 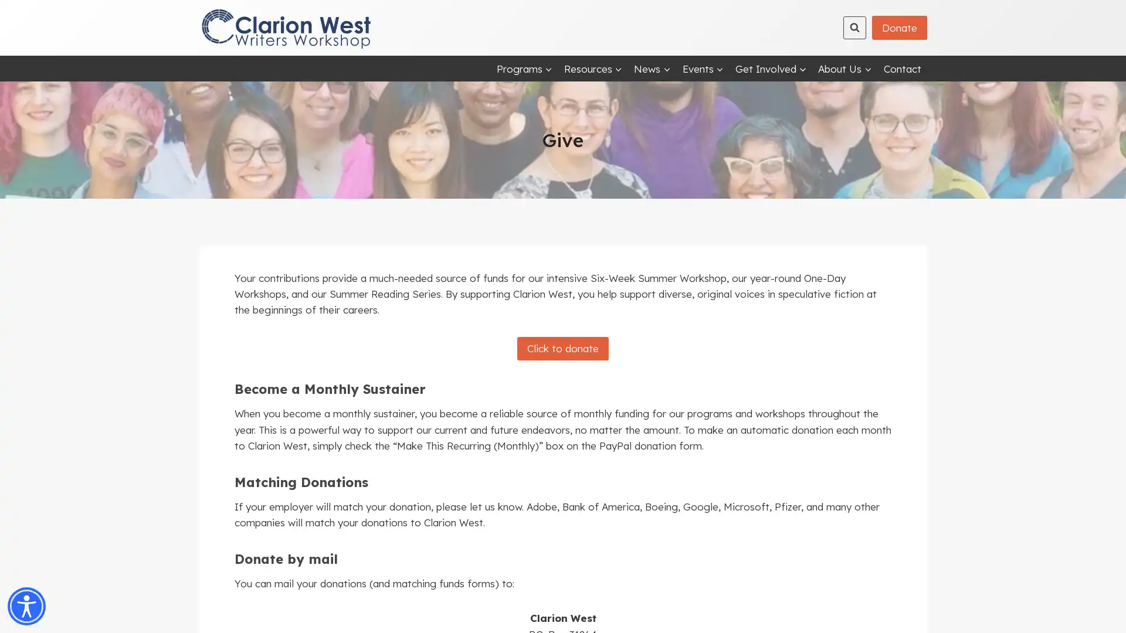 What do you see at coordinates (652, 68) in the screenshot?
I see `Expand child menu` at bounding box center [652, 68].